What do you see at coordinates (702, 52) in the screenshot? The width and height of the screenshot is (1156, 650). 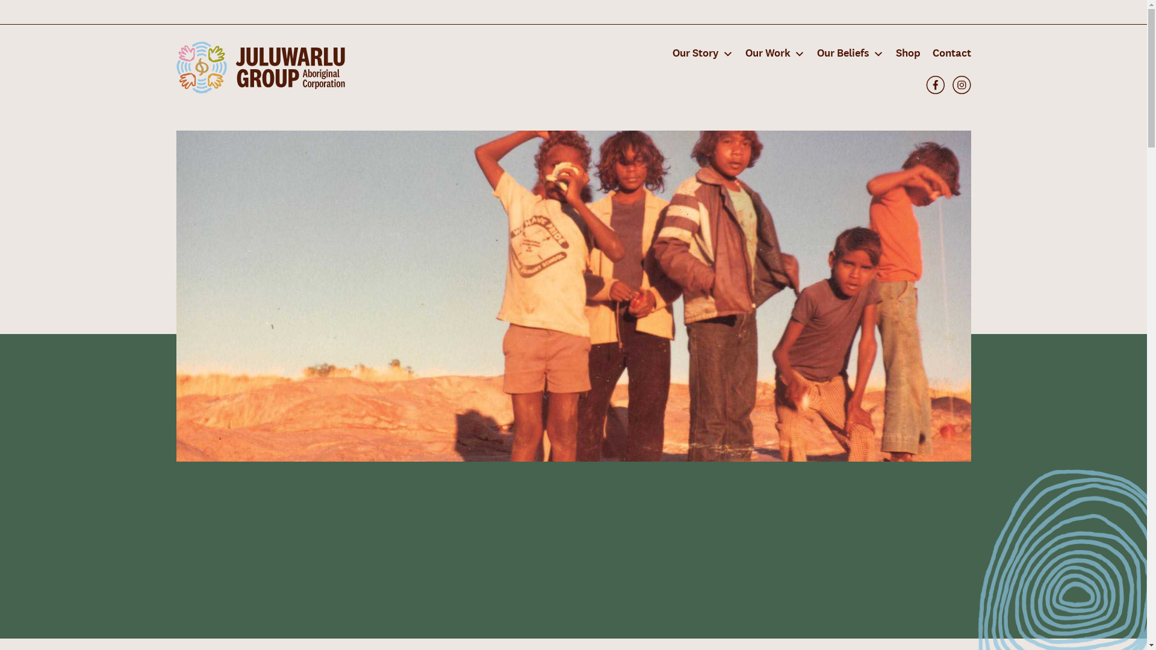 I see `'Our Story'` at bounding box center [702, 52].